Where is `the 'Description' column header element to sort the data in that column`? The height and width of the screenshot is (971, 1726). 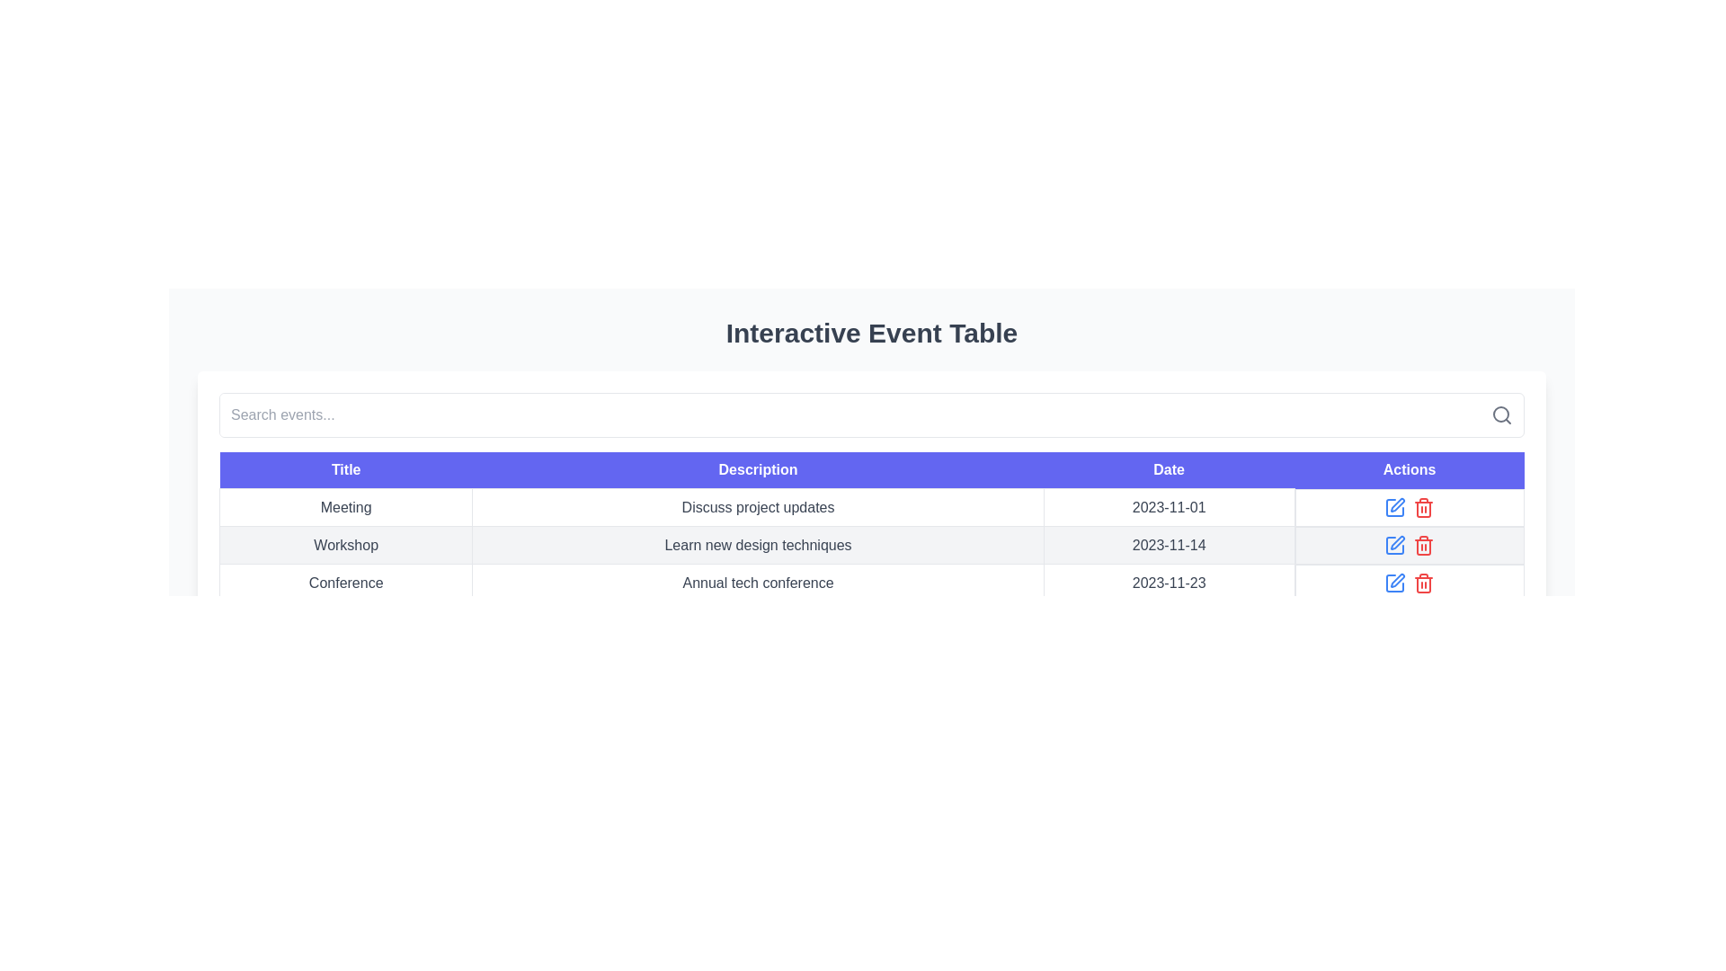
the 'Description' column header element to sort the data in that column is located at coordinates (758, 469).